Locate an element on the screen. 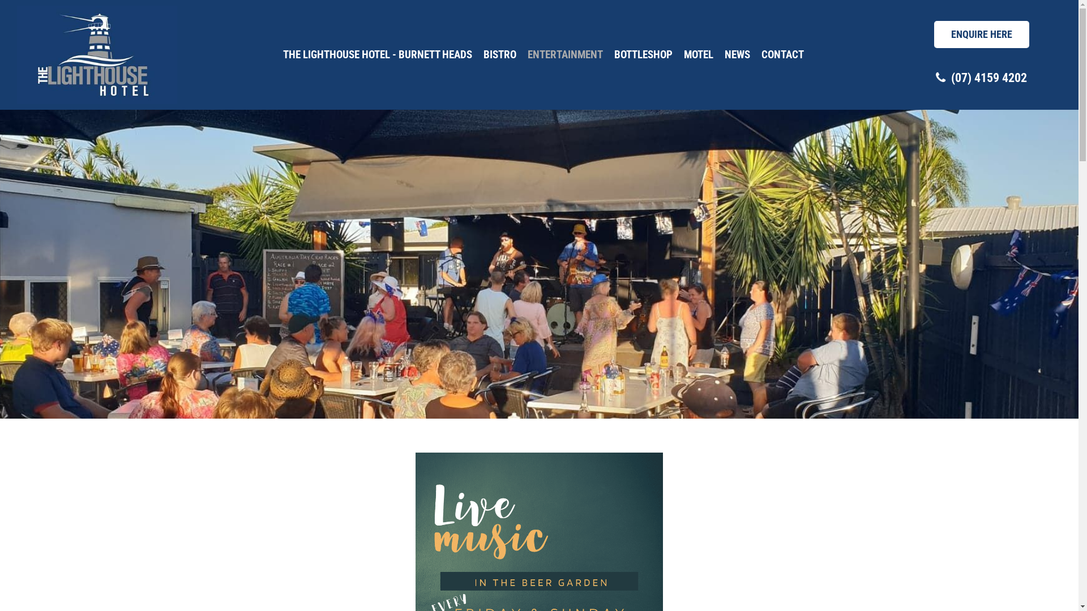 This screenshot has width=1087, height=611. 'CONTACT' is located at coordinates (782, 54).